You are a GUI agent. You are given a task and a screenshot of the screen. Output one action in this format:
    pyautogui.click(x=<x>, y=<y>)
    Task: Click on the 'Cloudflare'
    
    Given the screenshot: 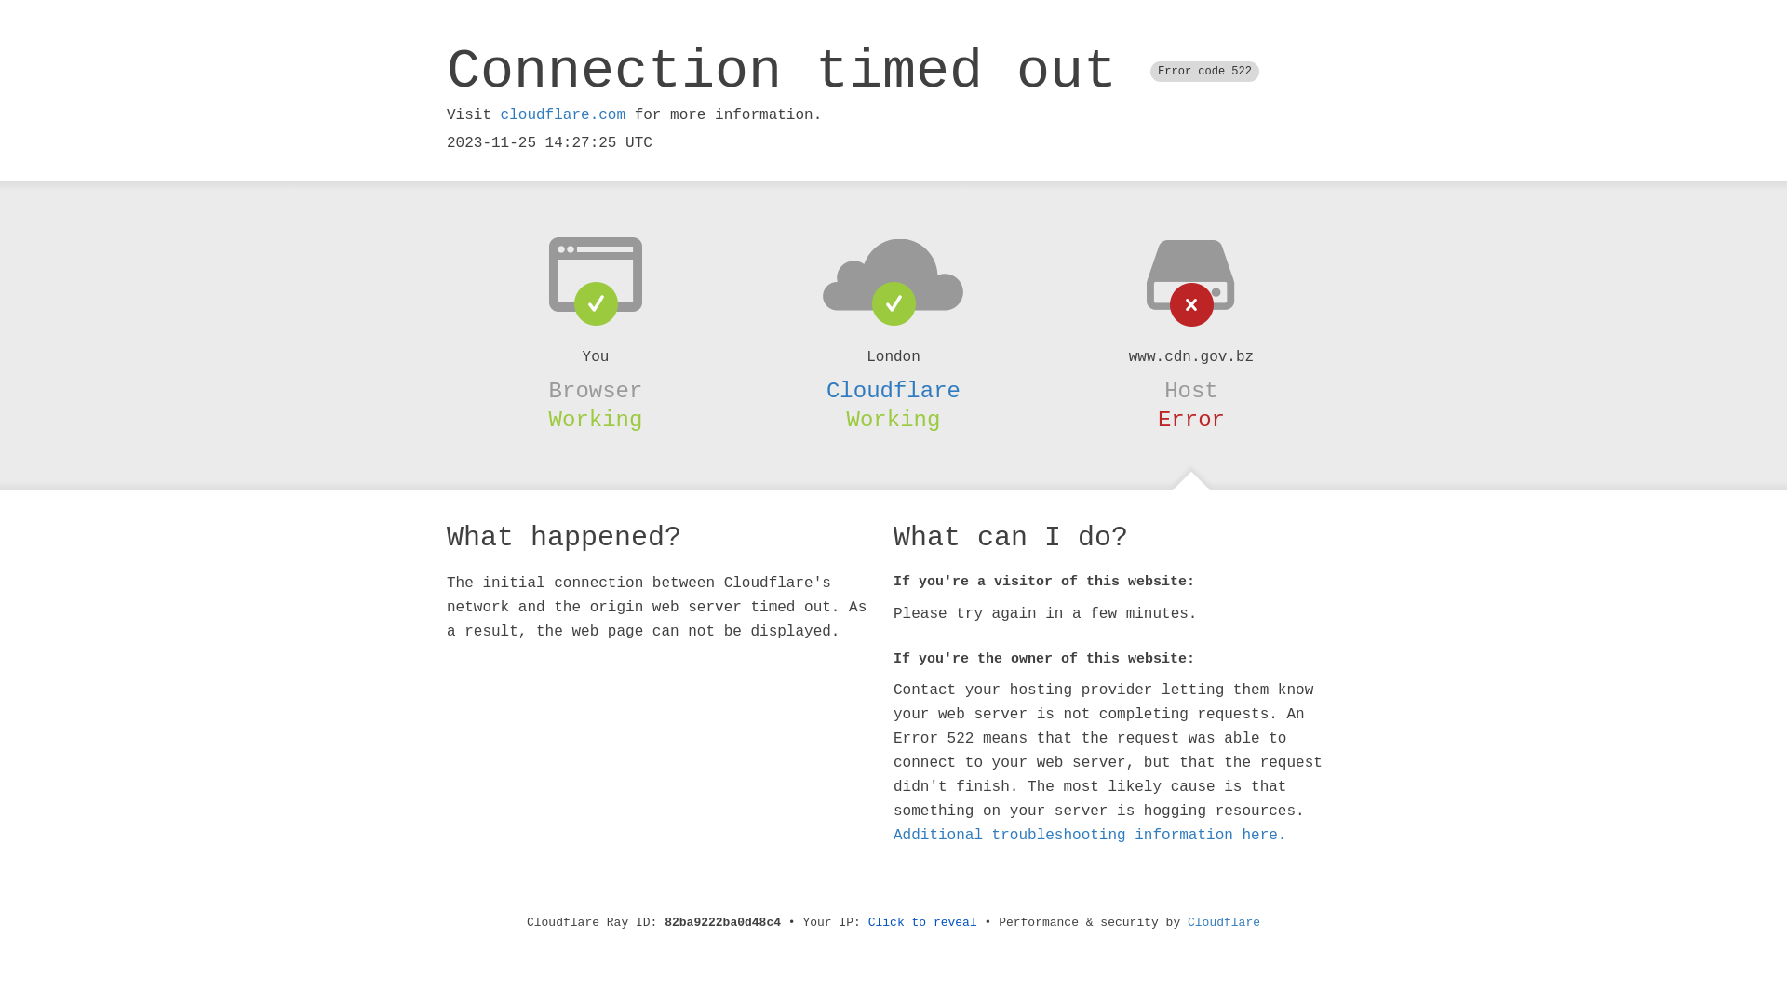 What is the action you would take?
    pyautogui.click(x=893, y=390)
    